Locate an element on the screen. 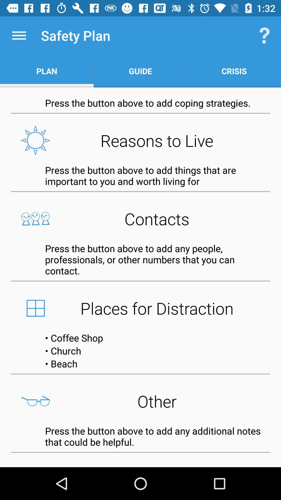 The image size is (281, 500). the app above the press the button icon is located at coordinates (140, 140).